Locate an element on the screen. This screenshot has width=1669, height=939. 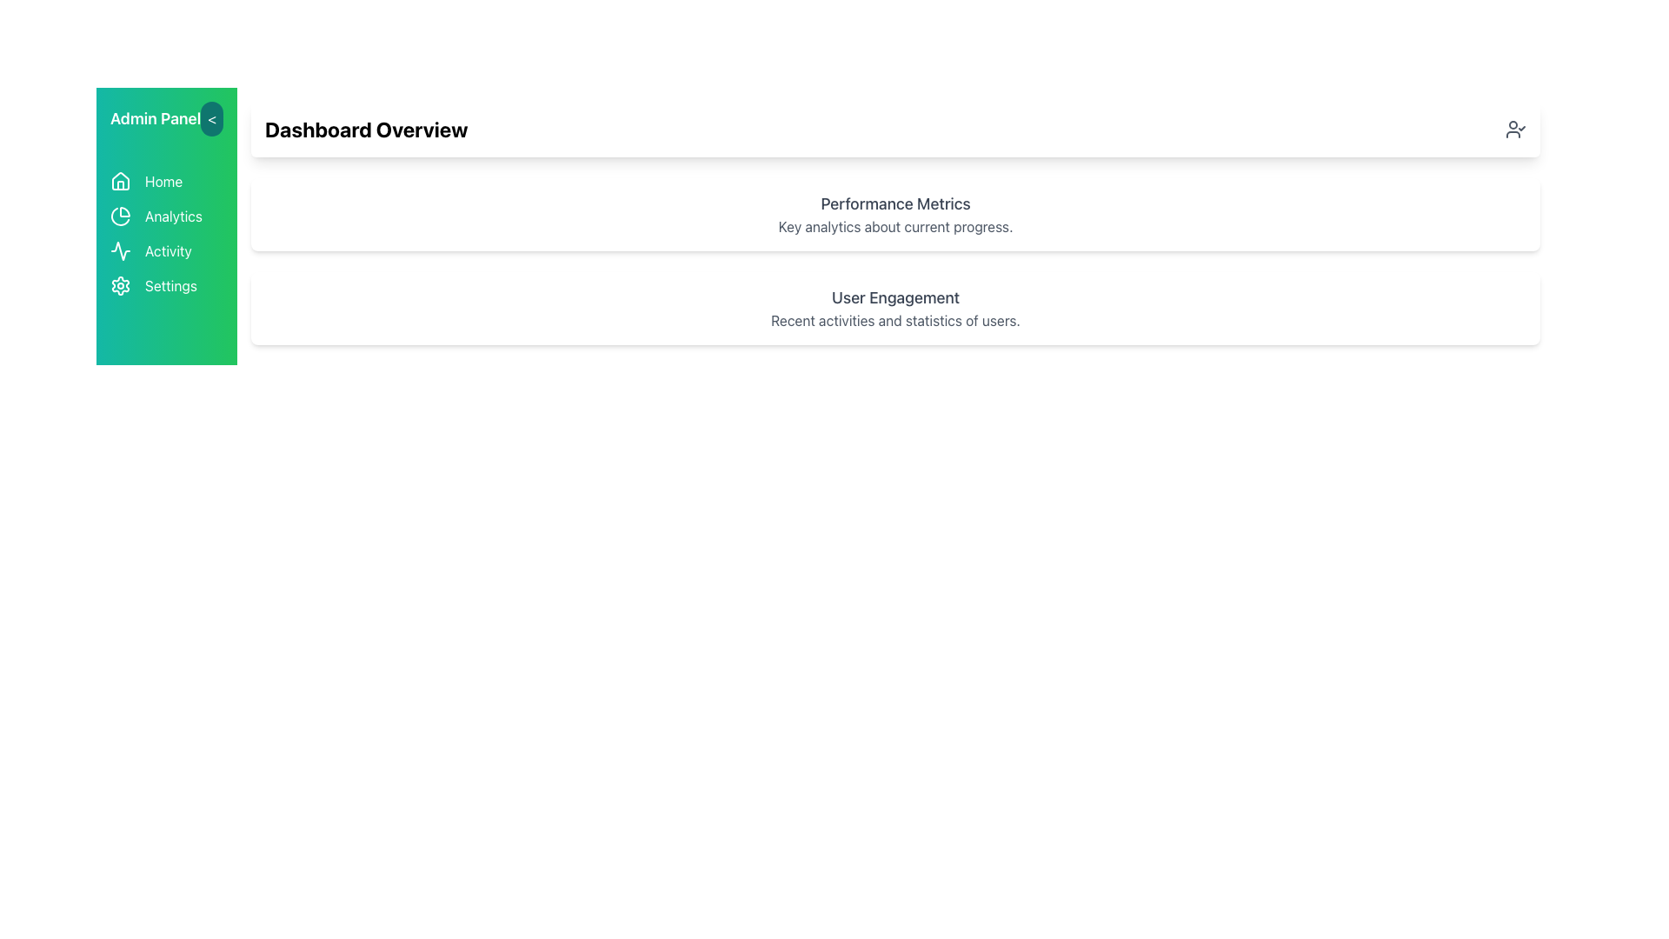
text label 'User Engagement' which is styled with a larger font size and gray color located above the subtitle in the white card section on the dashboard is located at coordinates (895, 297).